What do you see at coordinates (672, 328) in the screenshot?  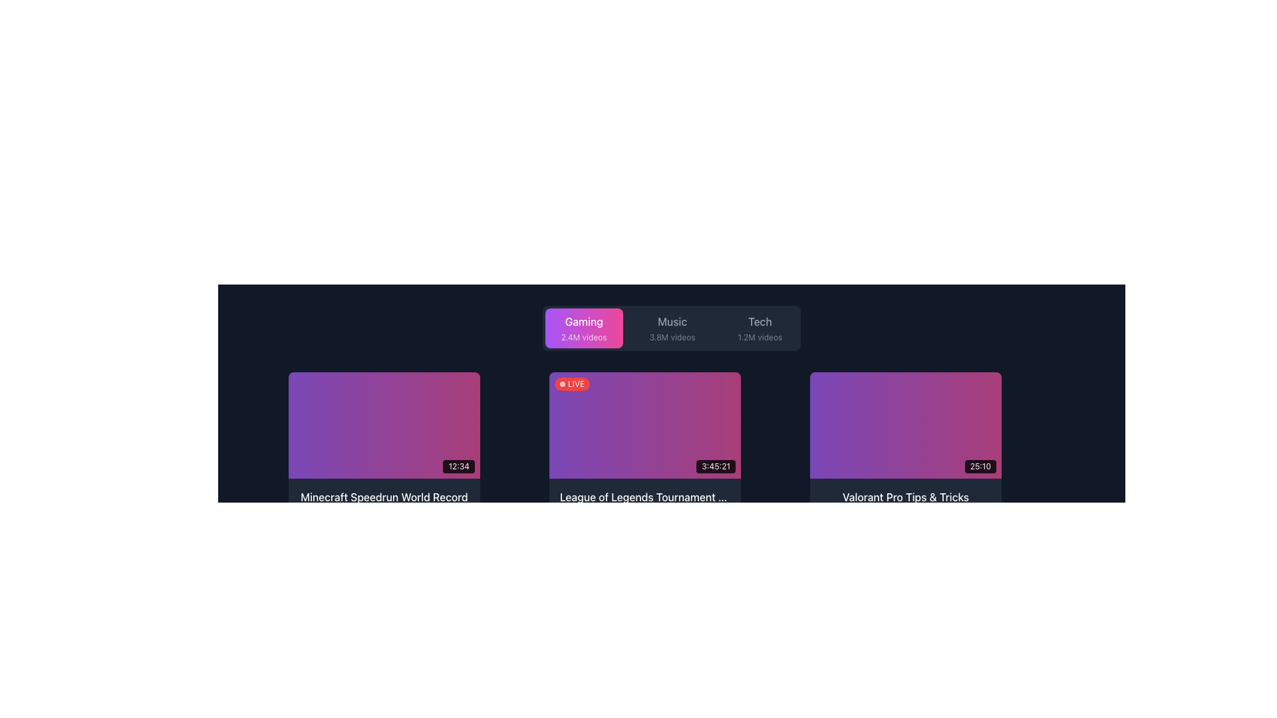 I see `the 'Music' button in the navigation menu` at bounding box center [672, 328].